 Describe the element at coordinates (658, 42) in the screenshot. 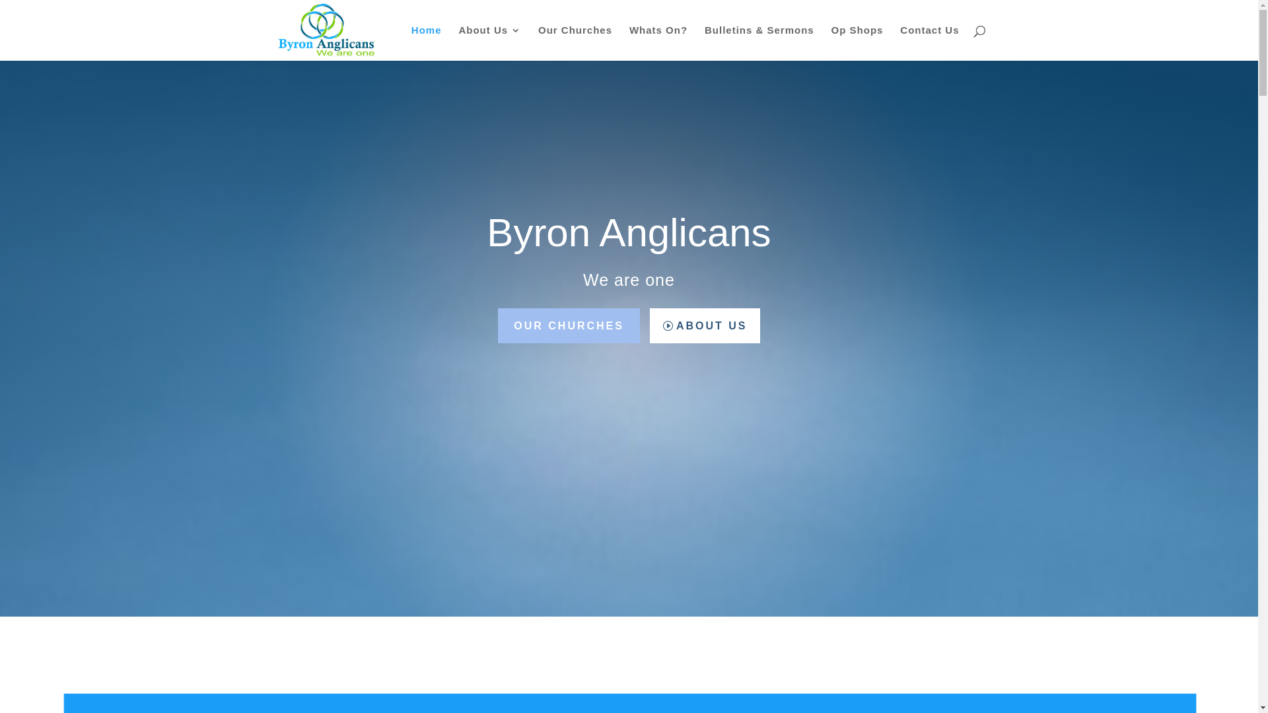

I see `'Whats On?'` at that location.